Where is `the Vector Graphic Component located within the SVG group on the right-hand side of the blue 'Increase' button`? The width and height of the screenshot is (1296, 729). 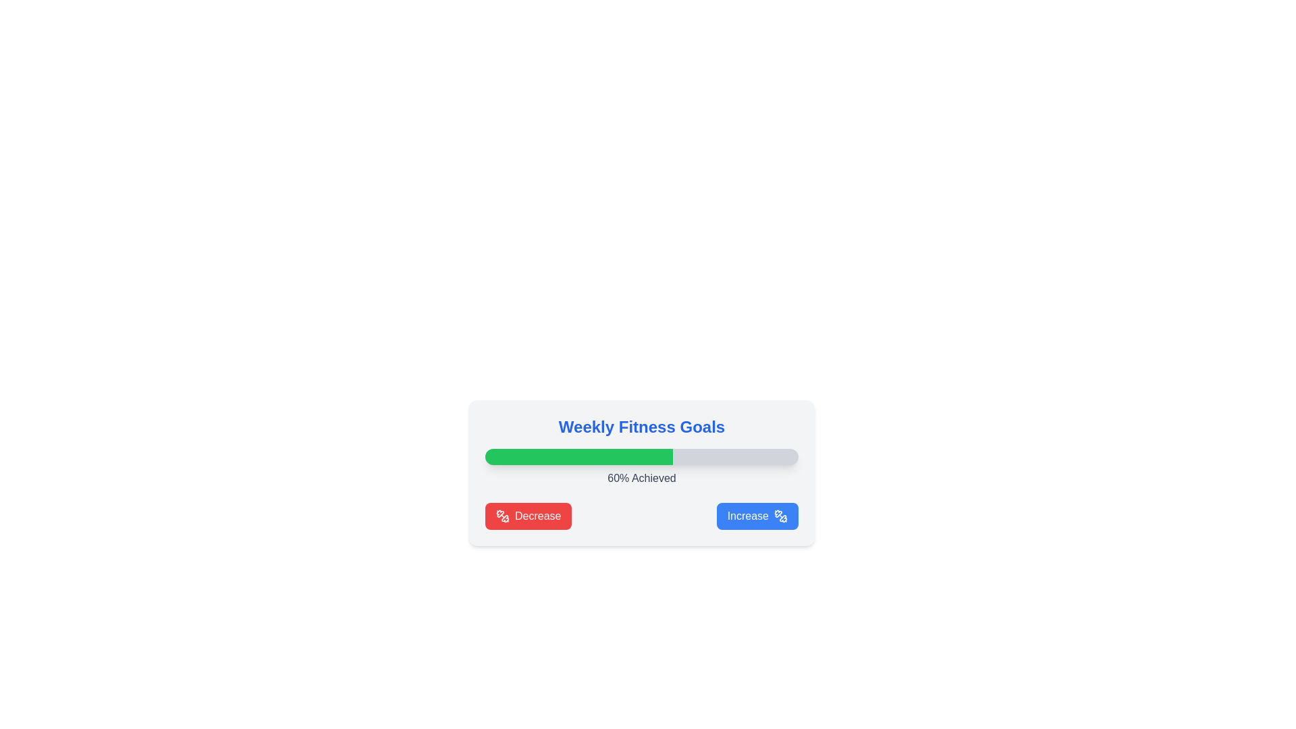 the Vector Graphic Component located within the SVG group on the right-hand side of the blue 'Increase' button is located at coordinates (783, 518).